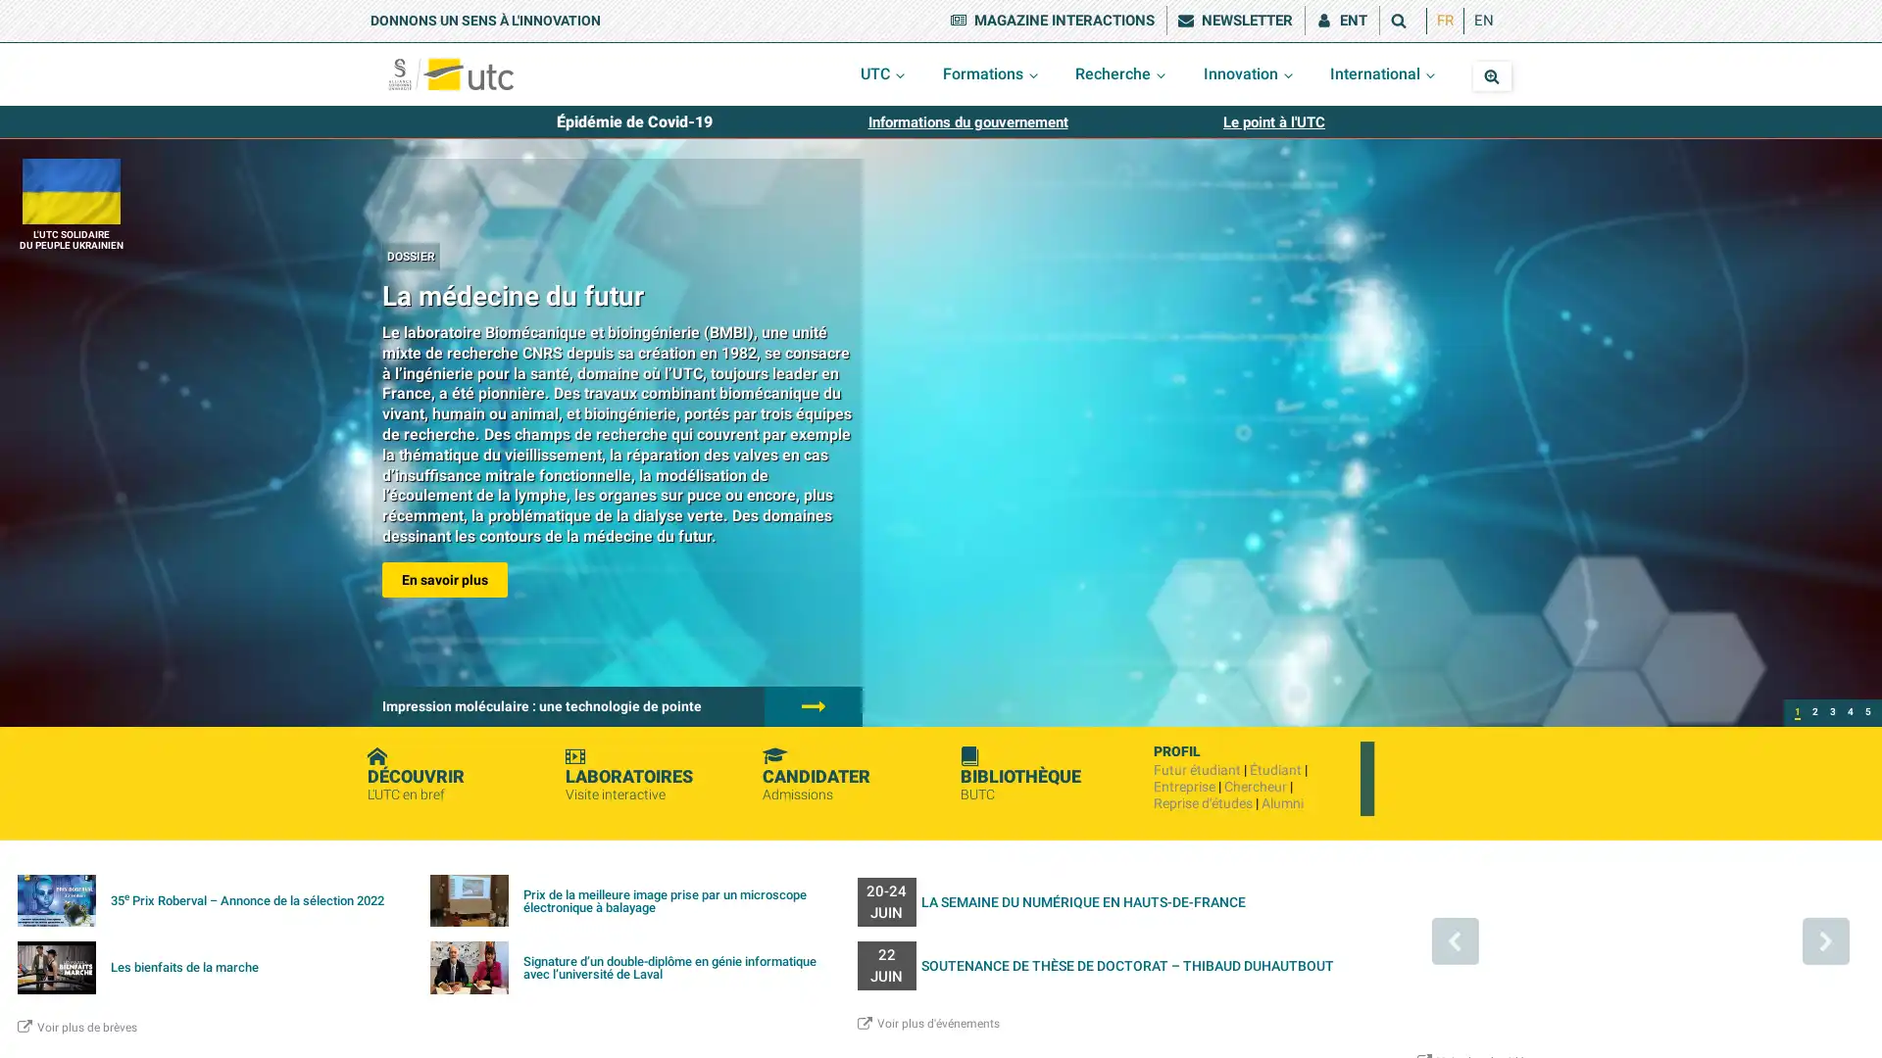 The height and width of the screenshot is (1058, 1882). Describe the element at coordinates (1866, 713) in the screenshot. I see `Signature dun accord de double diplome avec lUniversite Francaise dEgypte (UFE)` at that location.